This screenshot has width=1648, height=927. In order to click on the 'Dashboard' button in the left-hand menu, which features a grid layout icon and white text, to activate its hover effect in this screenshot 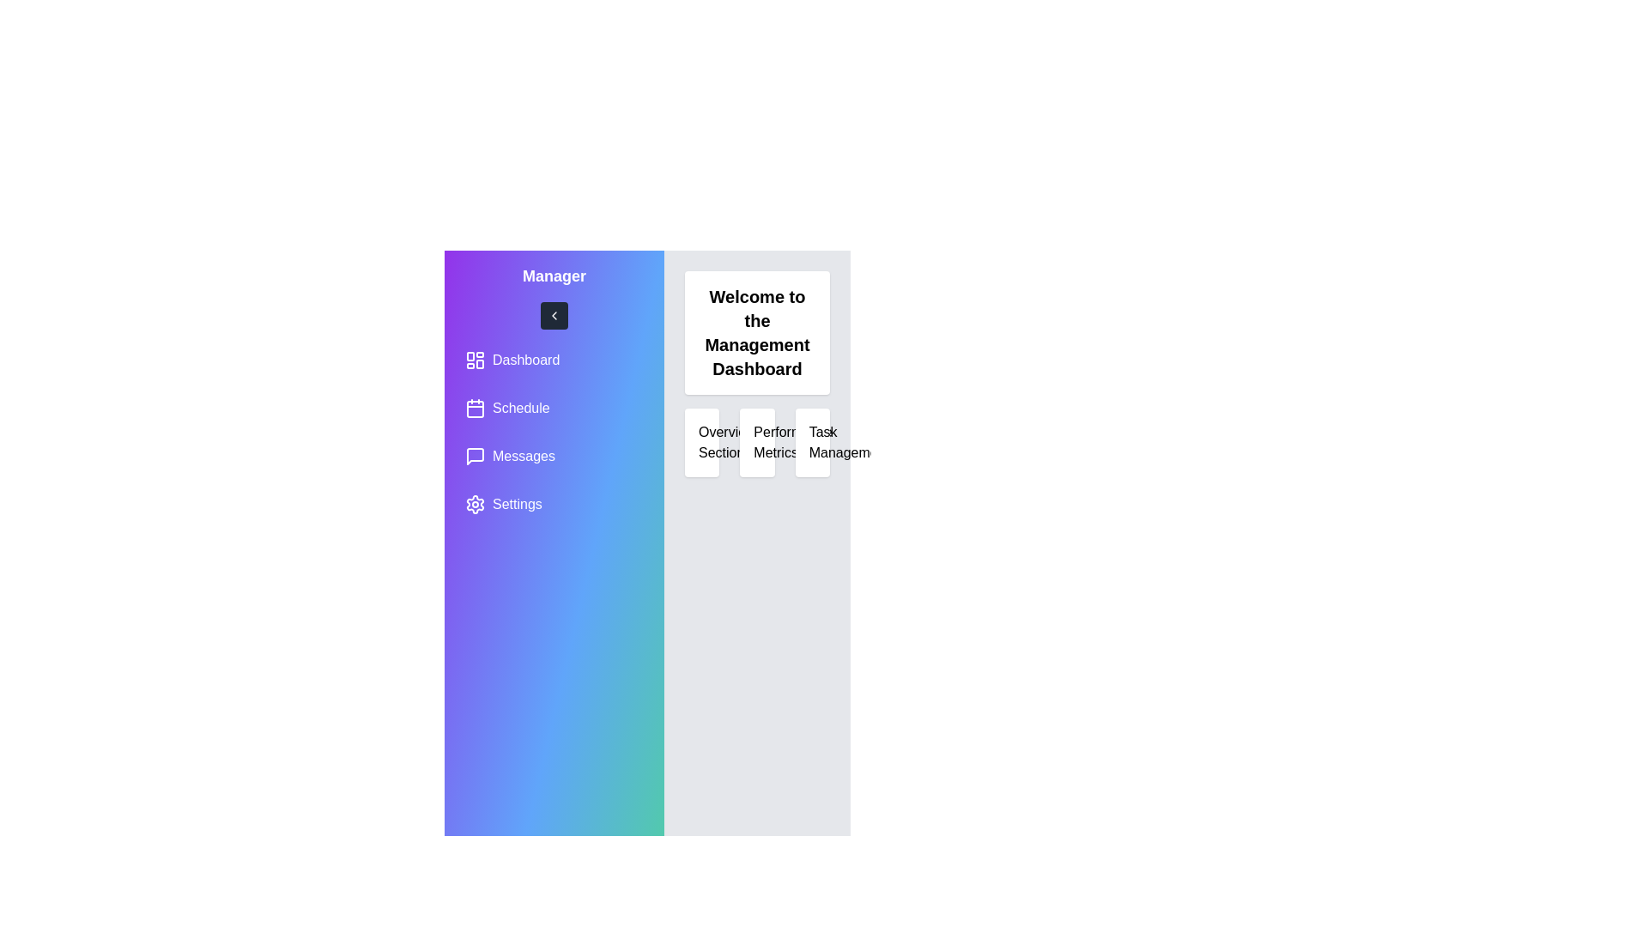, I will do `click(554, 360)`.